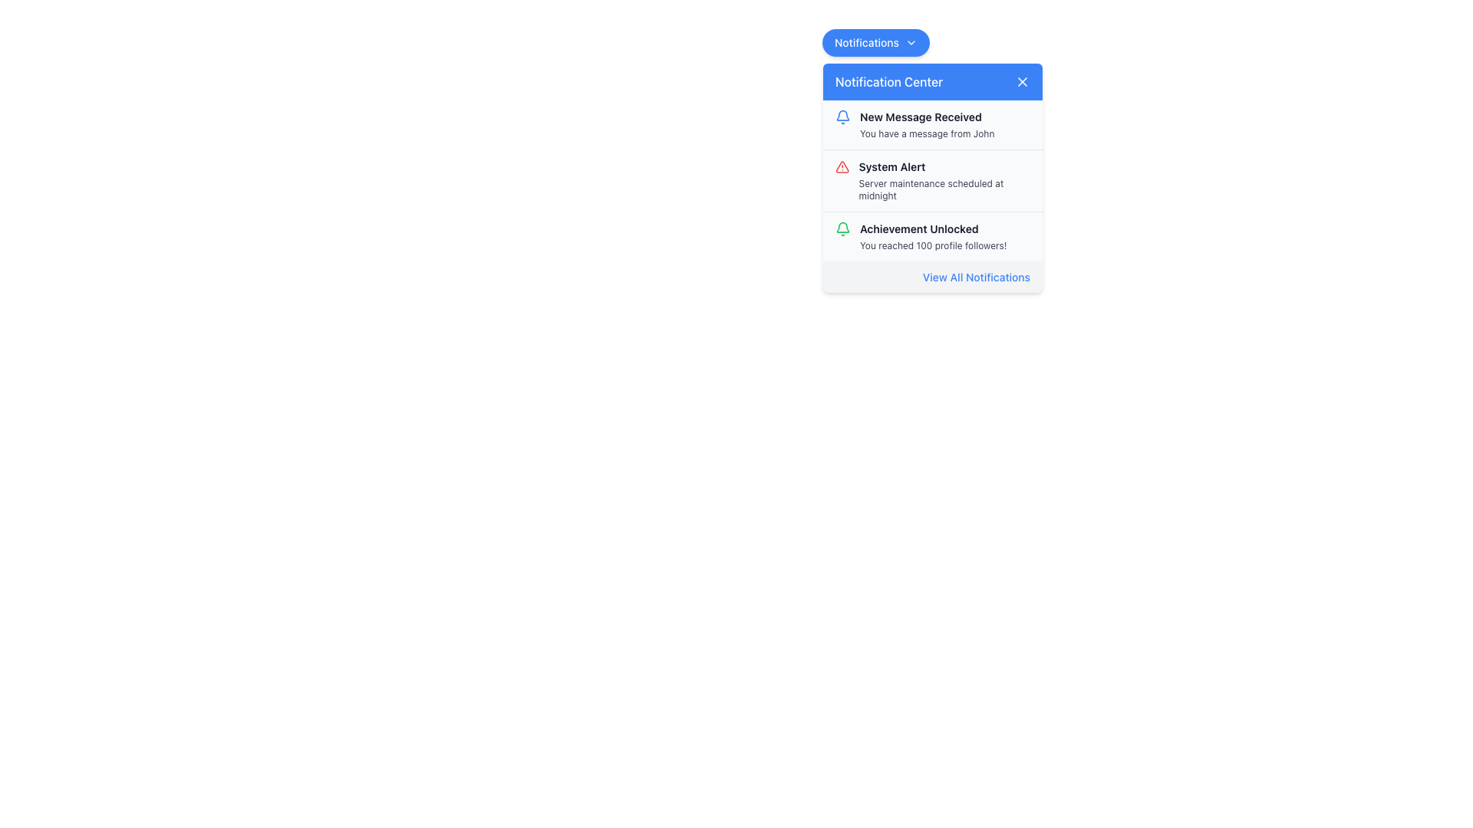 The image size is (1473, 828). What do you see at coordinates (1023, 82) in the screenshot?
I see `the cross-shaped icon in the title bar of the notification panel` at bounding box center [1023, 82].